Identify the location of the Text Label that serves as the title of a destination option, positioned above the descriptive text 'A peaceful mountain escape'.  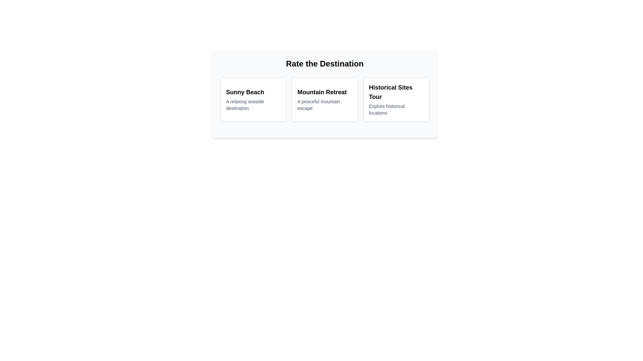
(325, 92).